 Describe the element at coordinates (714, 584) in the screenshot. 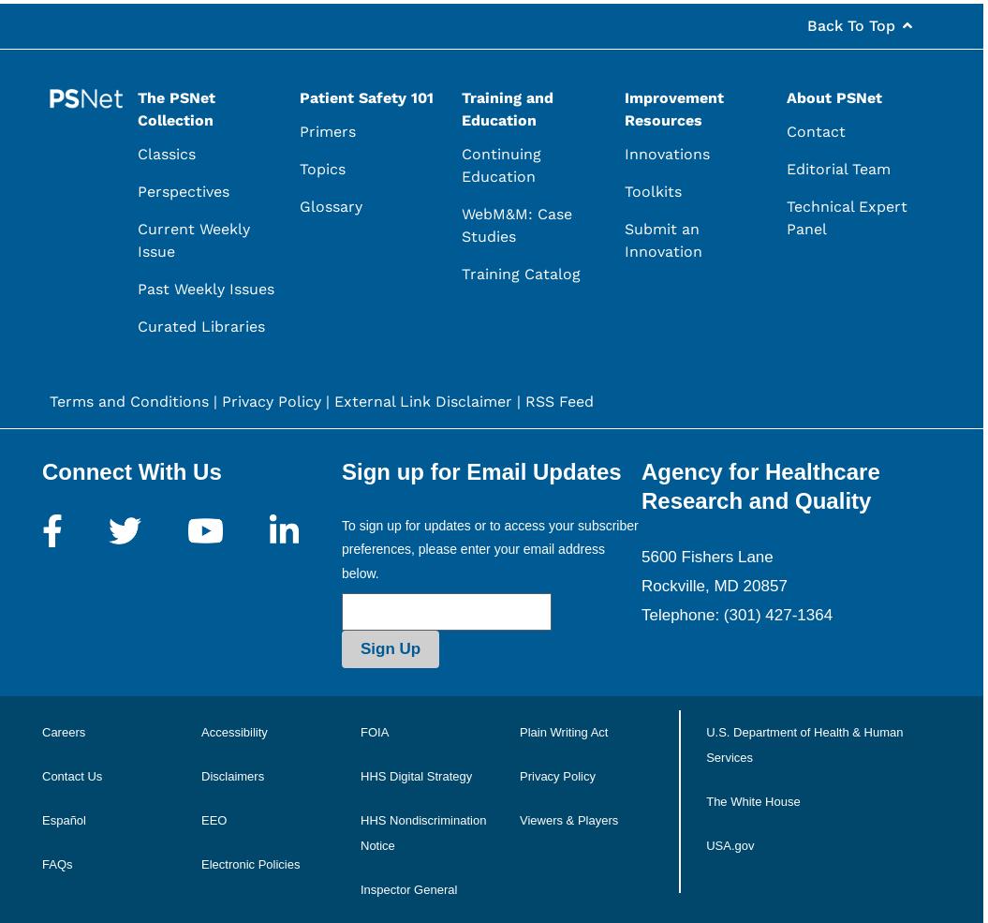

I see `'Rockville, MD 20857'` at that location.